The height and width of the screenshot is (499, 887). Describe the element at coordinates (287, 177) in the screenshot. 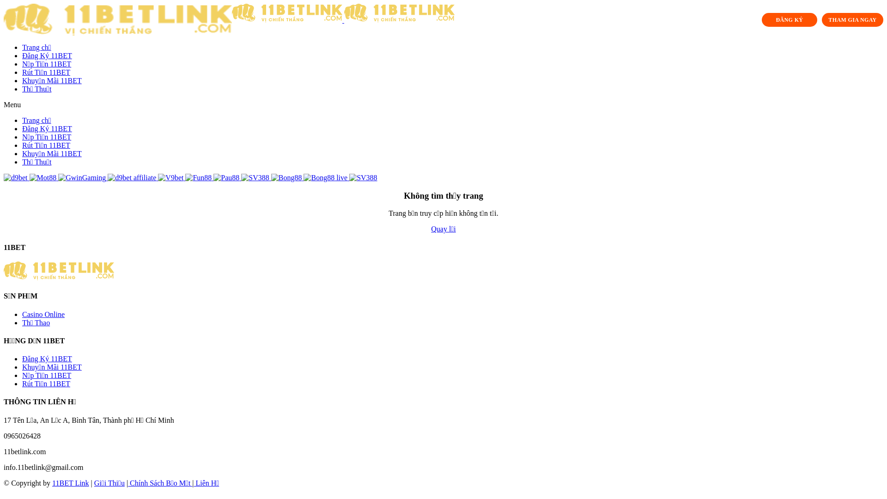

I see `'Bong88'` at that location.